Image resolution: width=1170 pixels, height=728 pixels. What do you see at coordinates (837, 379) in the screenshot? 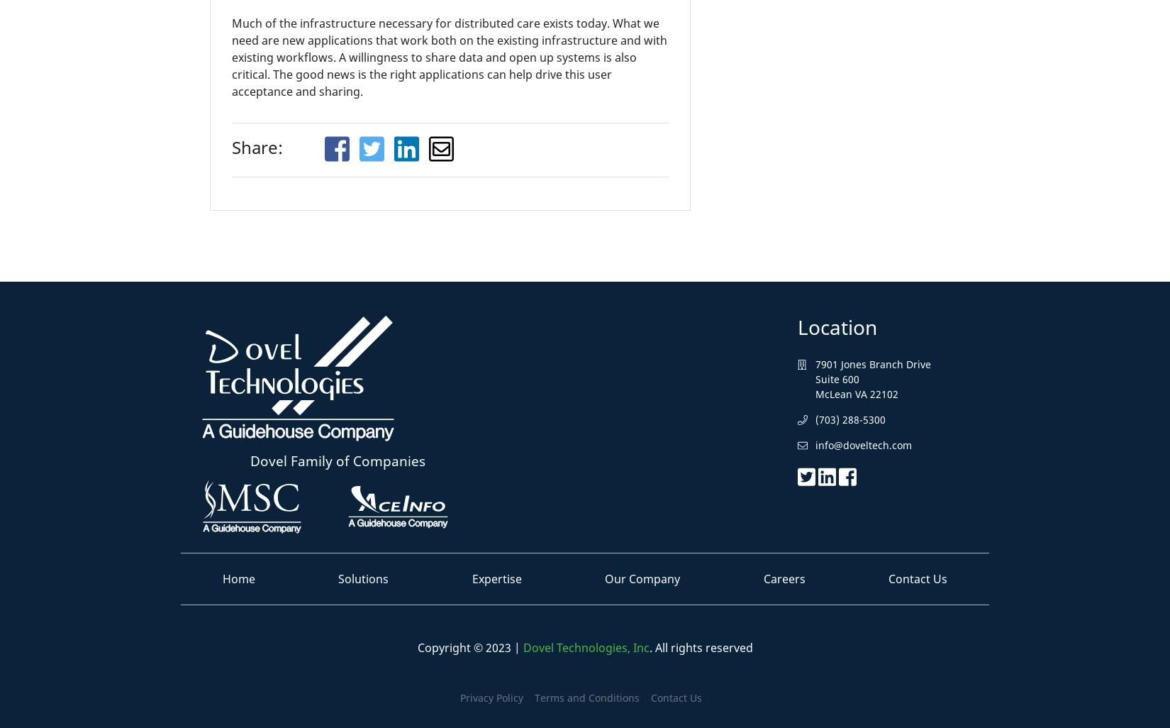
I see `'Suite 600'` at bounding box center [837, 379].